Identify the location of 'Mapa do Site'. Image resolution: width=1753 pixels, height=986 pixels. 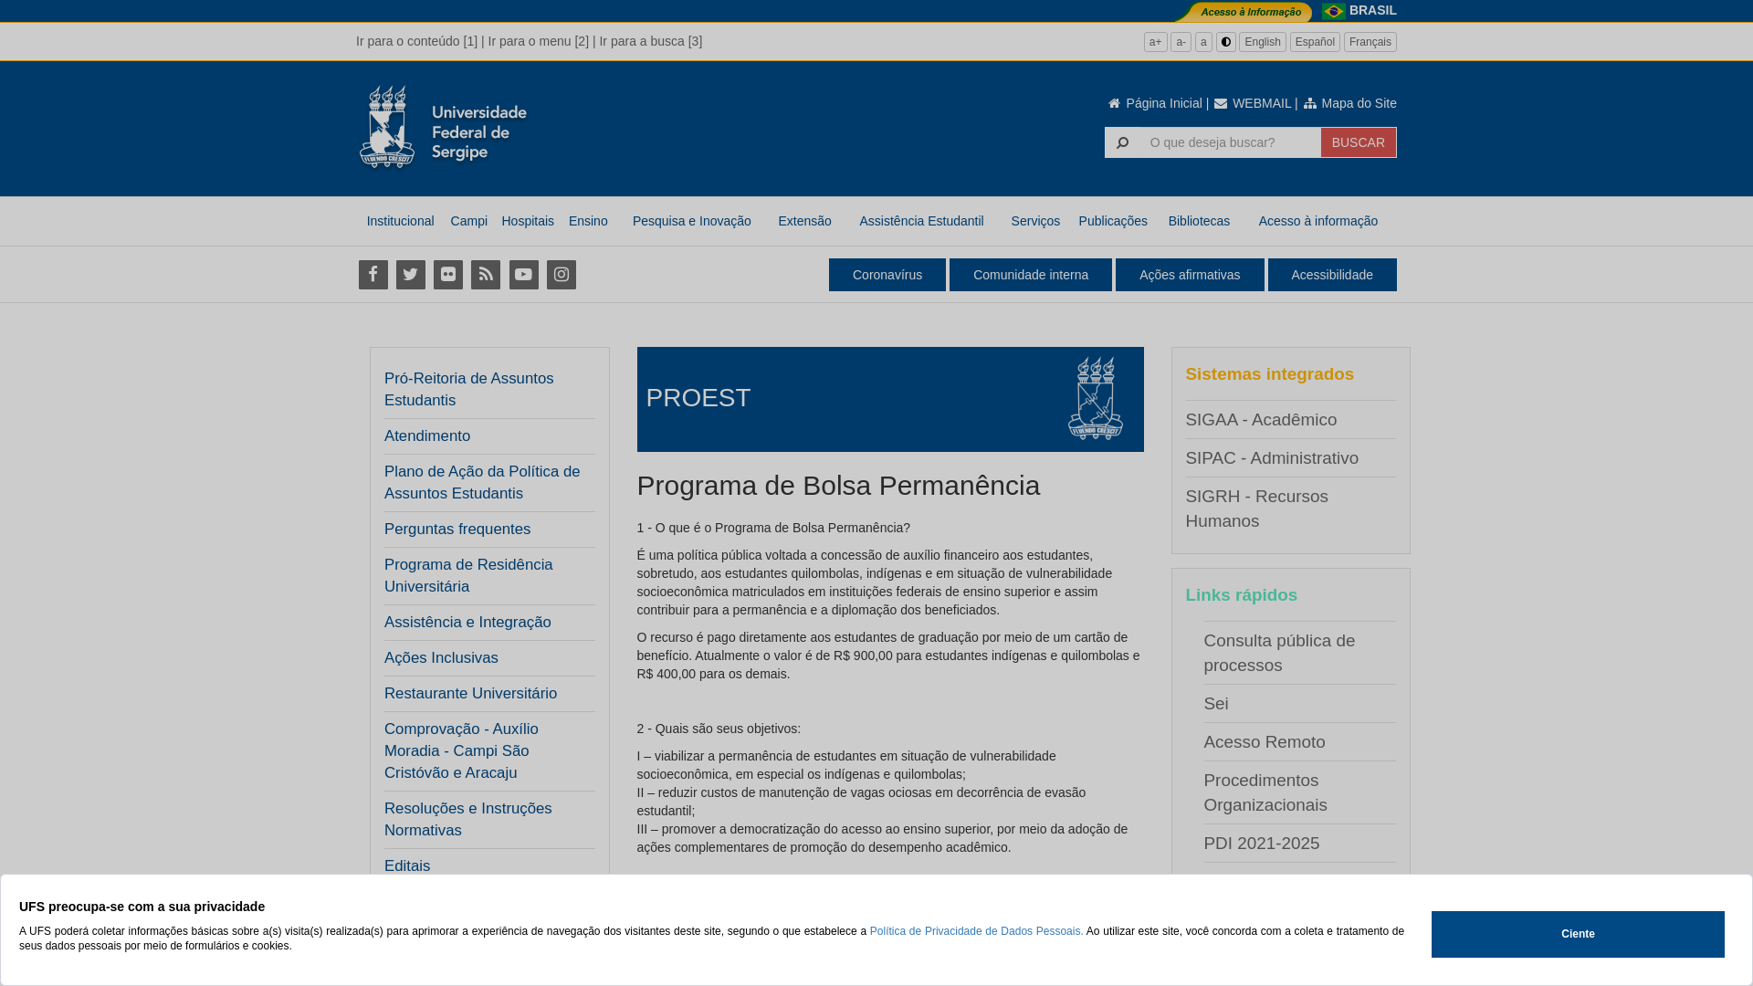
(1349, 102).